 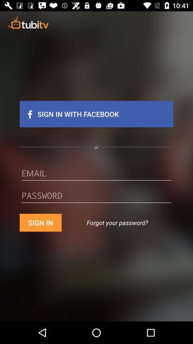 I want to click on email, so click(x=96, y=175).